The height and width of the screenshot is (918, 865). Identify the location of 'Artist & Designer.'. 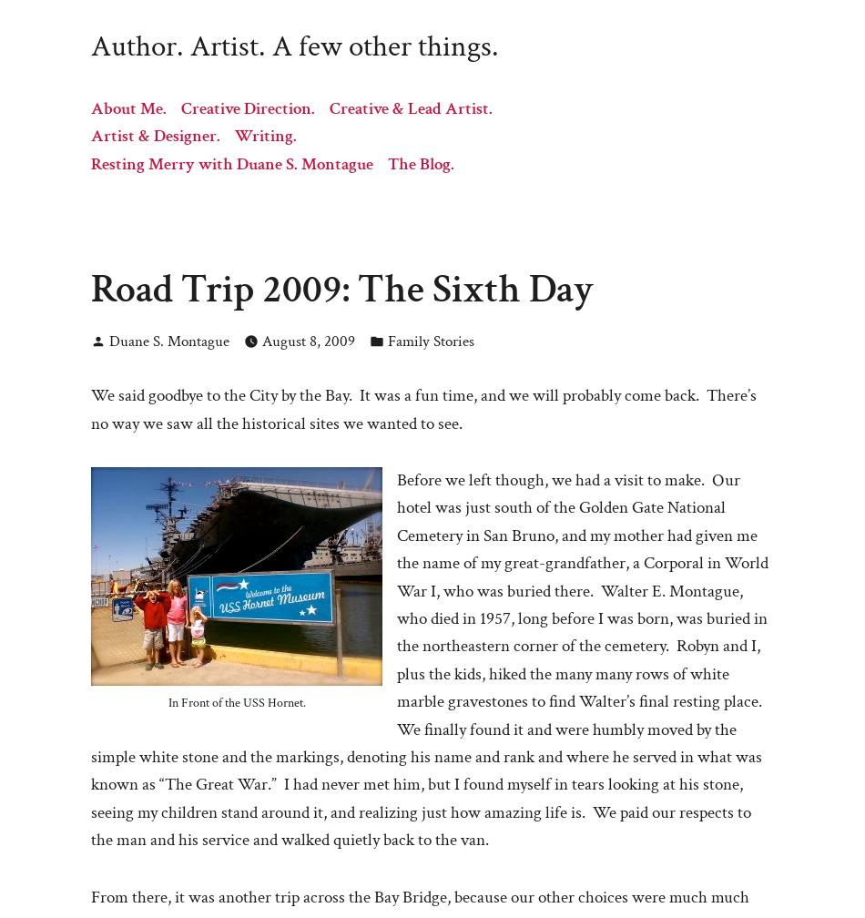
(156, 136).